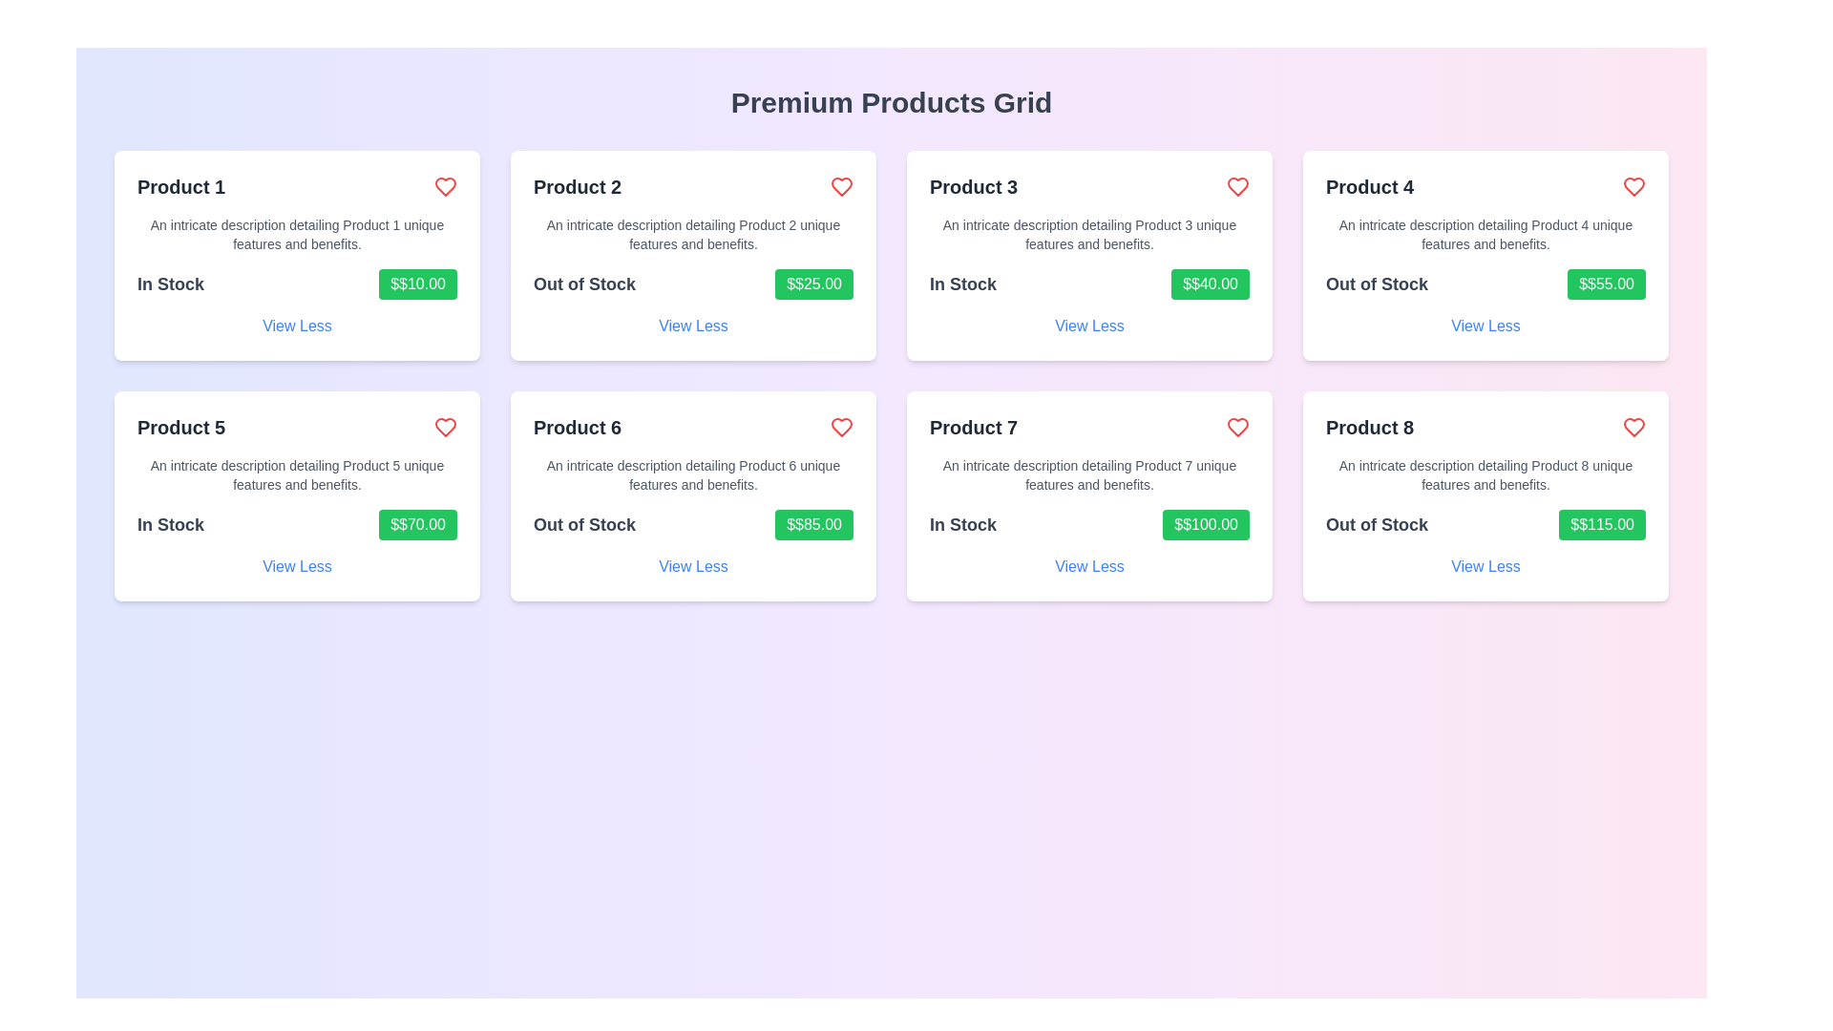  I want to click on the rectangular button displaying the text '$$100.00' with a green background in the 'Product 7' card to observe the hover effect, so click(1205, 525).